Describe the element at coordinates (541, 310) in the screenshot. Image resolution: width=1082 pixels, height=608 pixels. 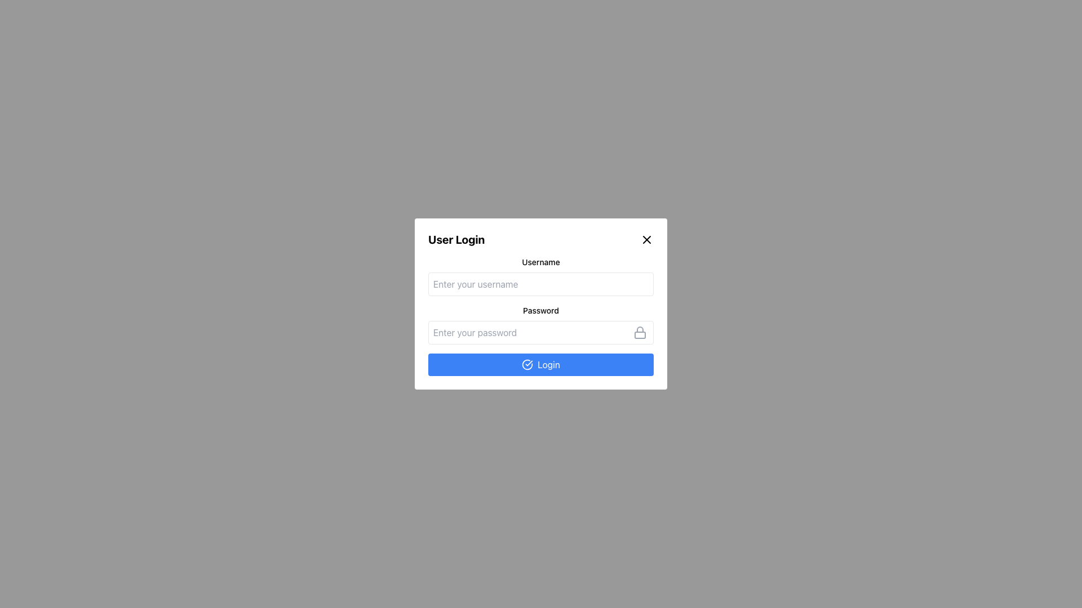
I see `the label that indicates the purpose of the password input field in the login form interface, which is centered horizontally above the password input field` at that location.